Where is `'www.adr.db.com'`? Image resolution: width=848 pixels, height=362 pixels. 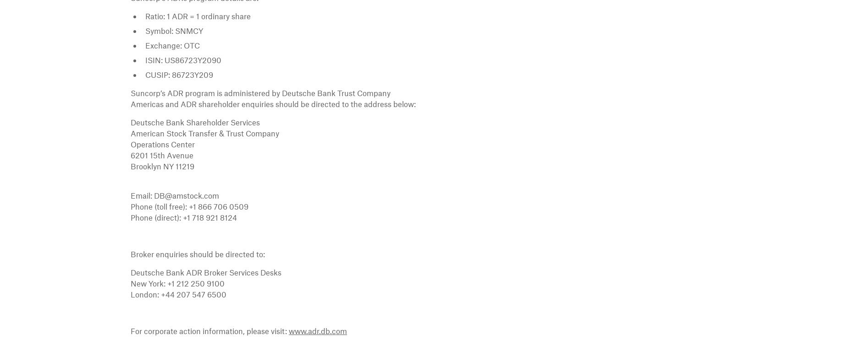 'www.adr.db.com' is located at coordinates (318, 330).